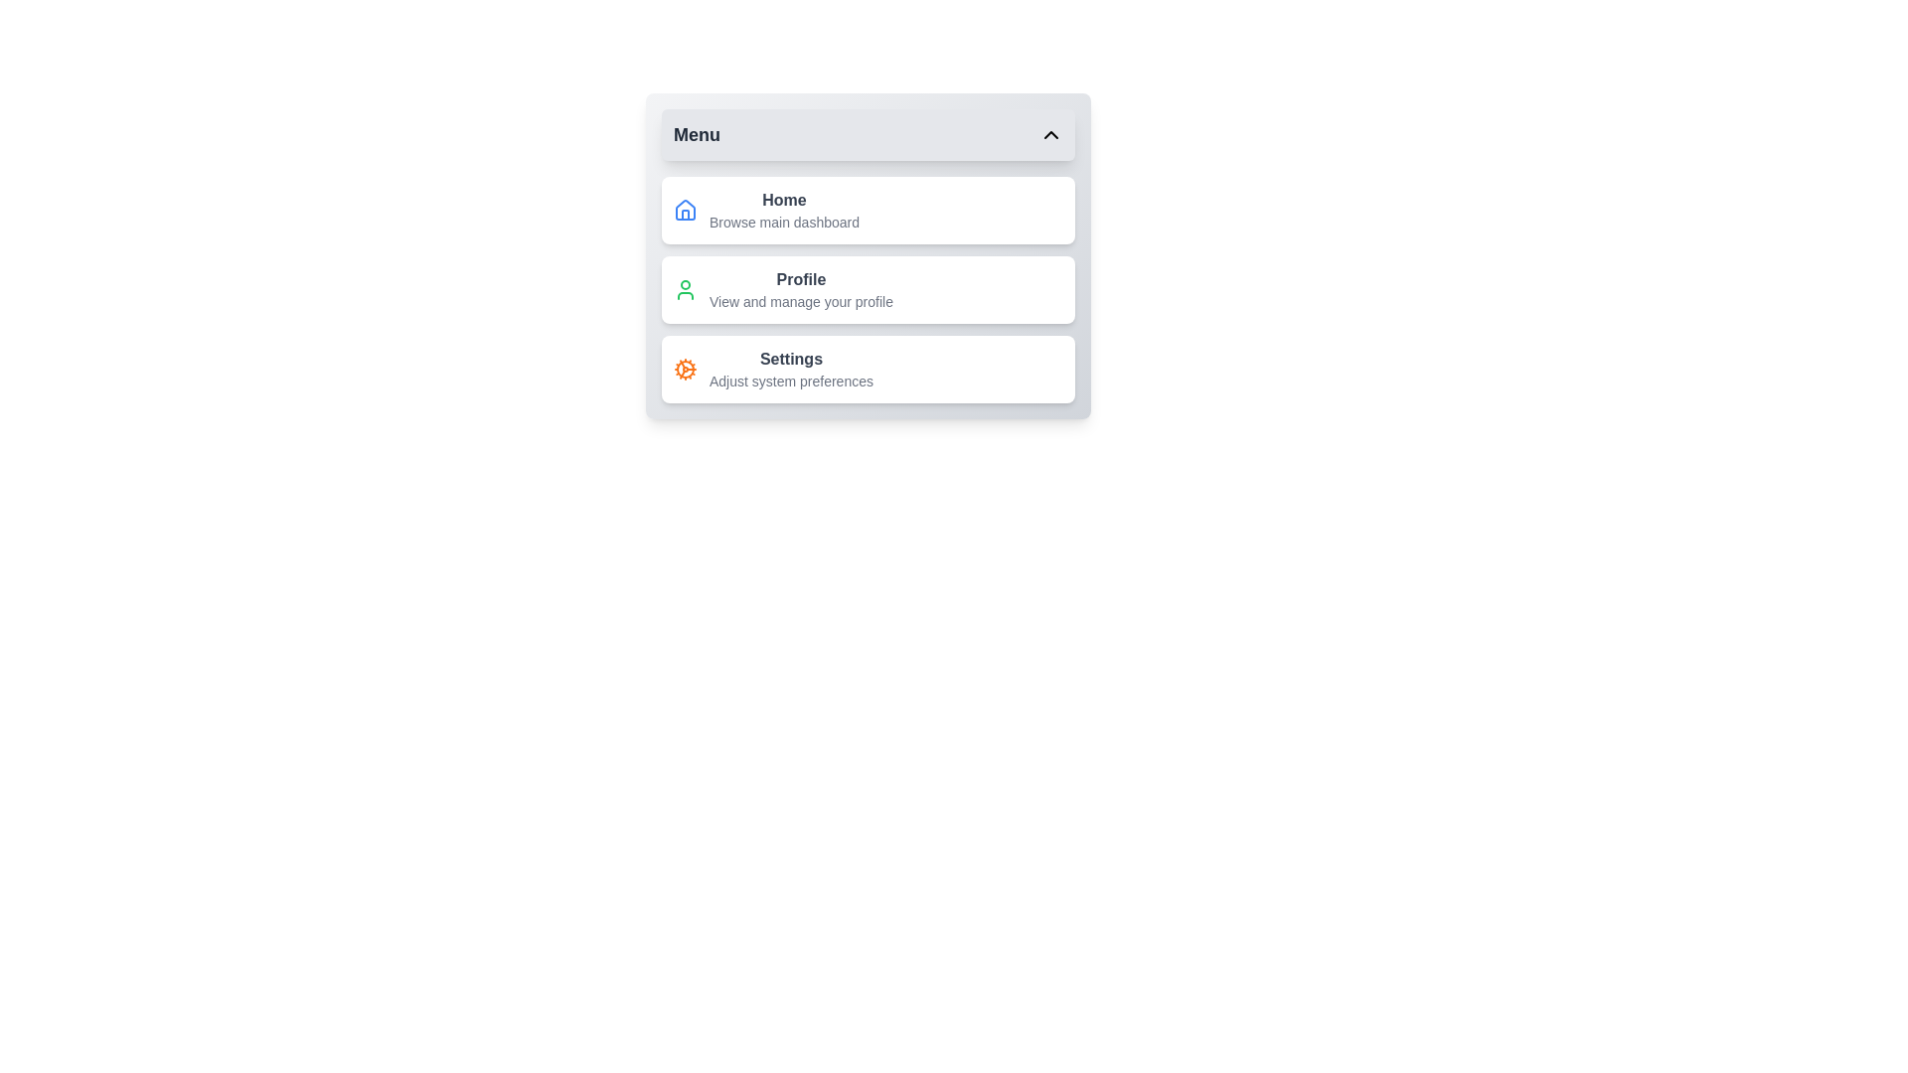 The height and width of the screenshot is (1073, 1908). Describe the element at coordinates (686, 369) in the screenshot. I see `the icon associated with the menu item Settings` at that location.